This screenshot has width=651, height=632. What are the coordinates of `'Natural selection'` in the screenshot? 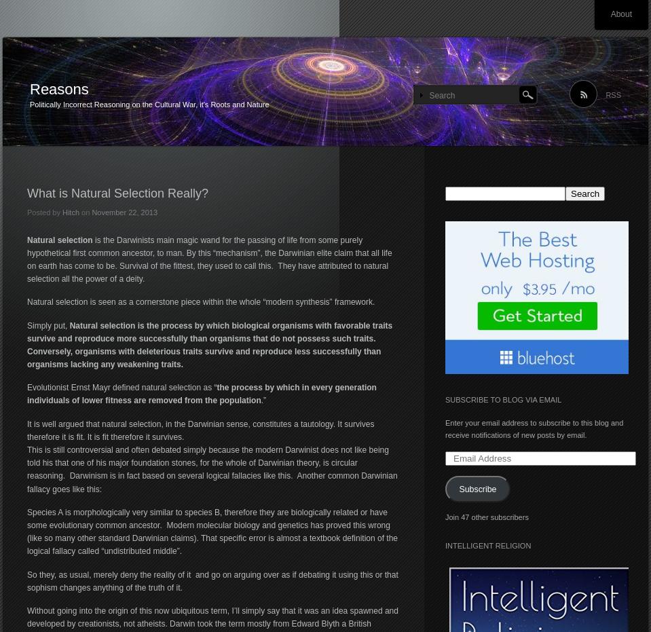 It's located at (60, 240).